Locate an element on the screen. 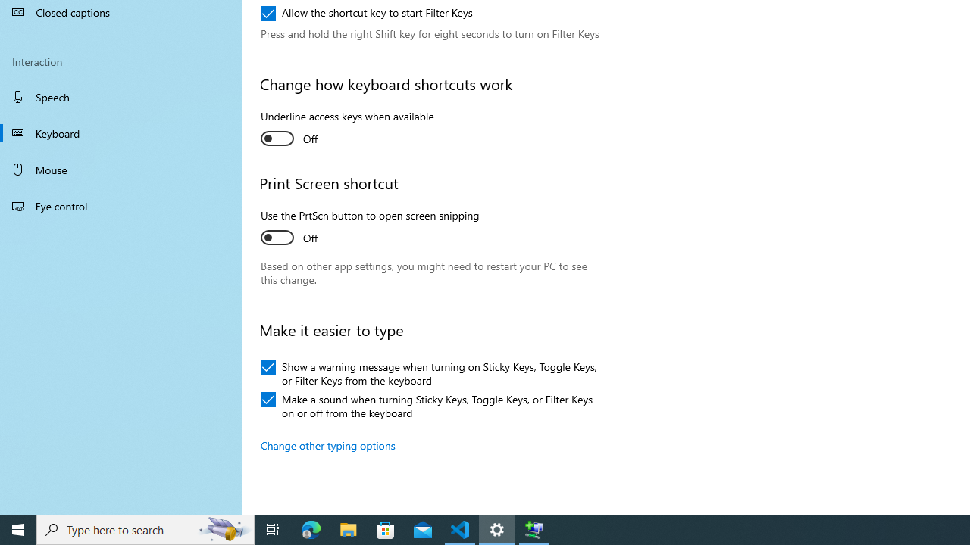 The height and width of the screenshot is (545, 970). 'Type here to search' is located at coordinates (145, 528).